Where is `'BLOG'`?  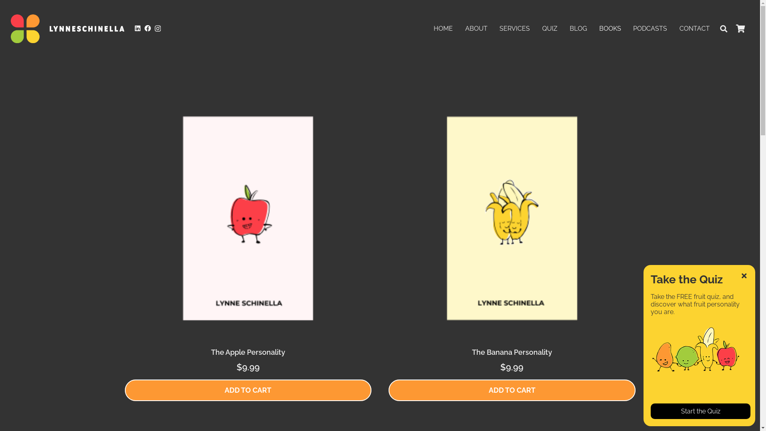
'BLOG' is located at coordinates (578, 28).